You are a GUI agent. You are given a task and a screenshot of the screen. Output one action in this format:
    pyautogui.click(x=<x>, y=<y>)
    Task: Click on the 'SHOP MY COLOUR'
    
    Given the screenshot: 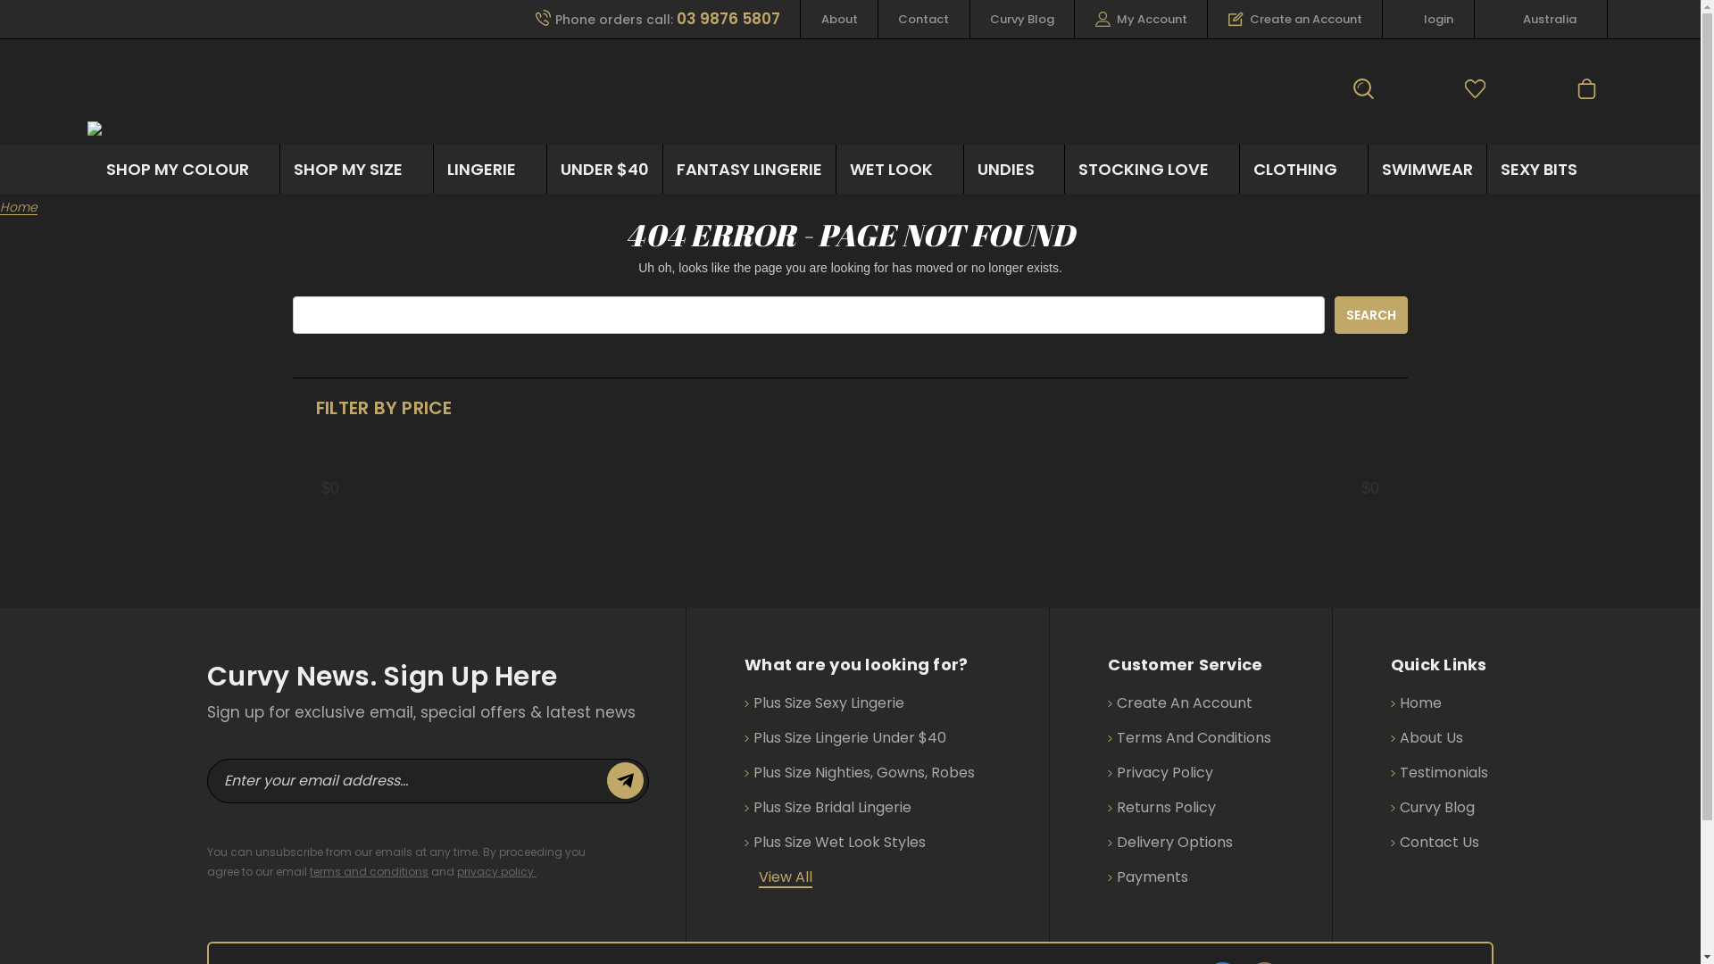 What is the action you would take?
    pyautogui.click(x=186, y=169)
    